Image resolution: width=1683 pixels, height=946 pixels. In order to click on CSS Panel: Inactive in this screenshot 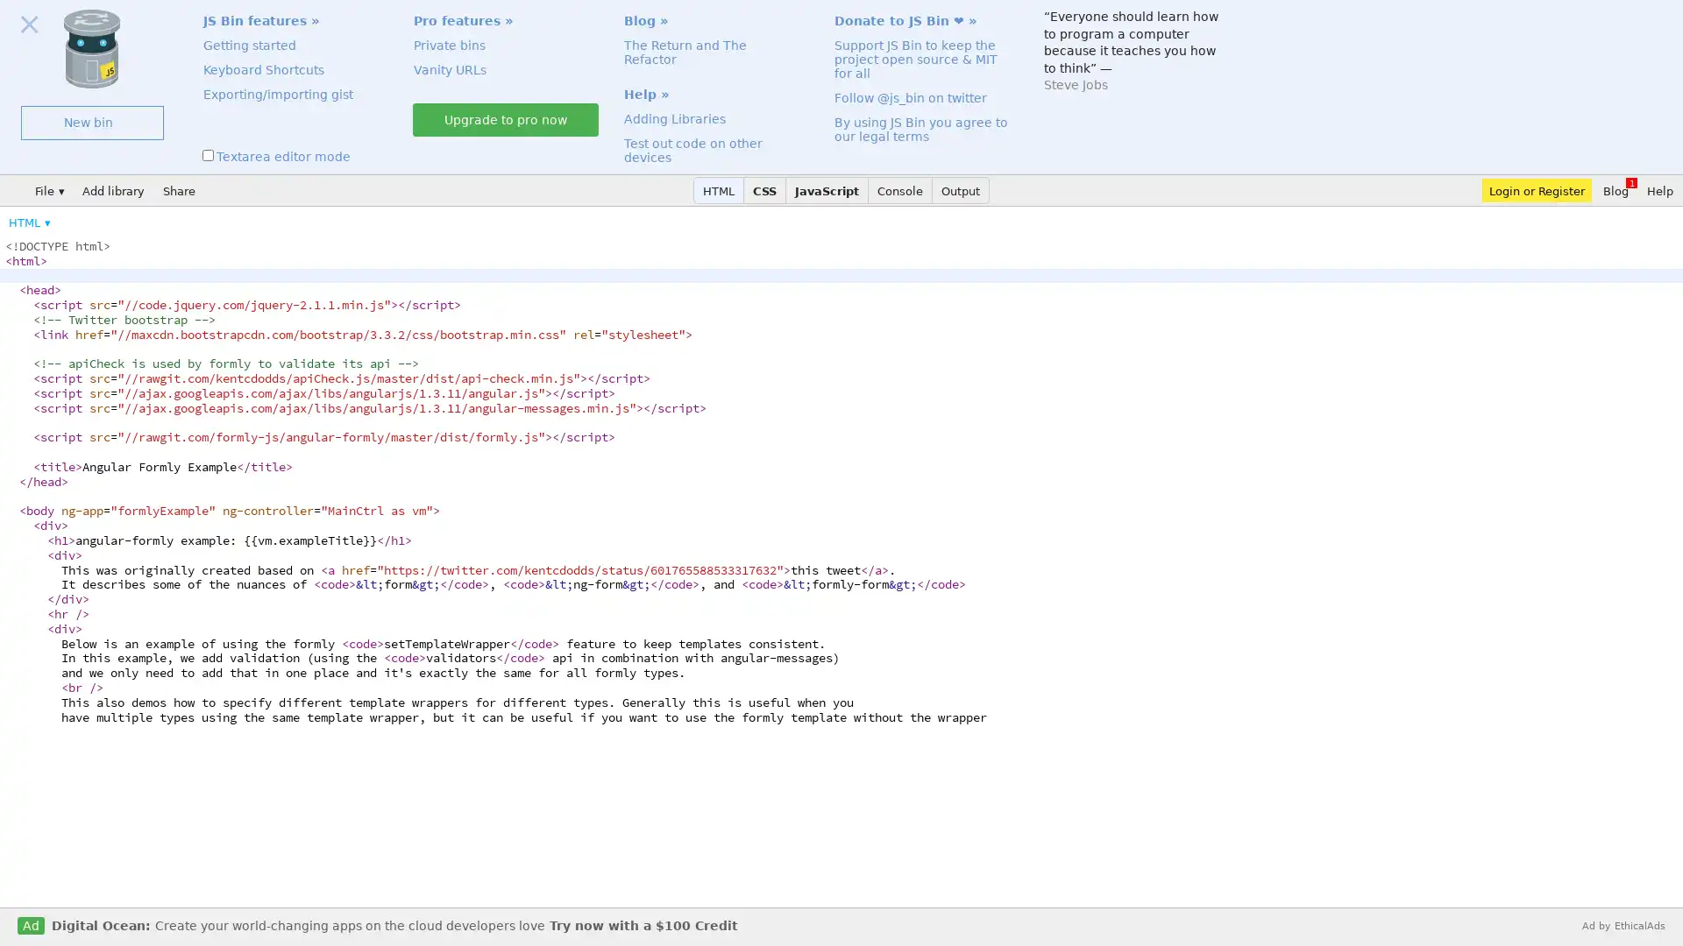, I will do `click(765, 190)`.